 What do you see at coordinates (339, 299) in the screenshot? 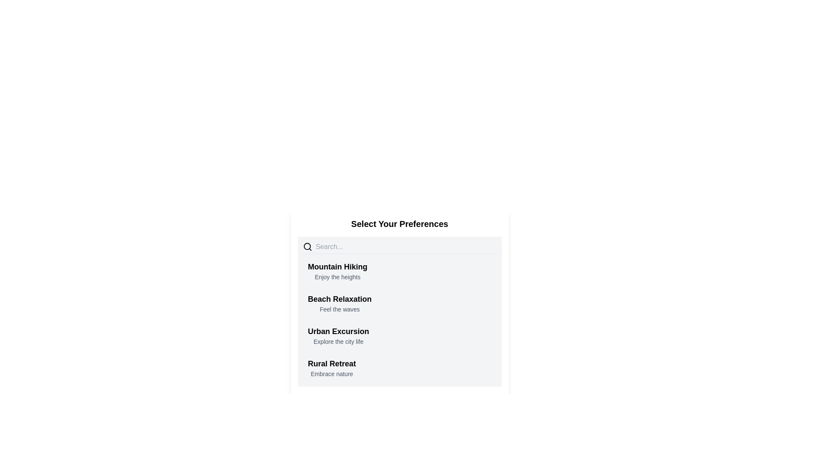
I see `text label indicating 'Beach Relaxation' which is the second item in the user preferences list under 'Select Your Preferences.'` at bounding box center [339, 299].